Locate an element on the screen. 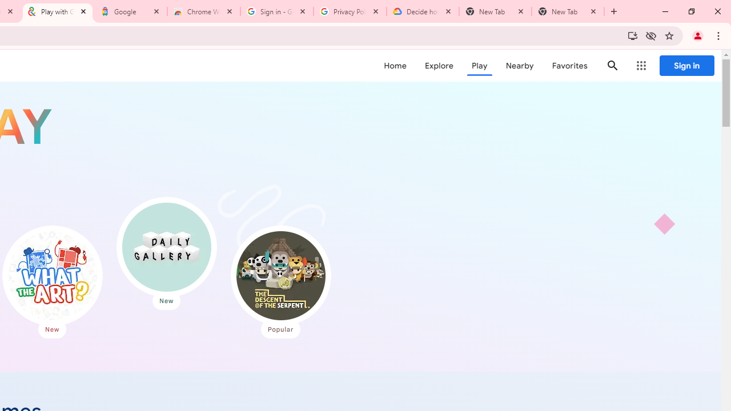  'Install Google Arts & Culture' is located at coordinates (632, 35).